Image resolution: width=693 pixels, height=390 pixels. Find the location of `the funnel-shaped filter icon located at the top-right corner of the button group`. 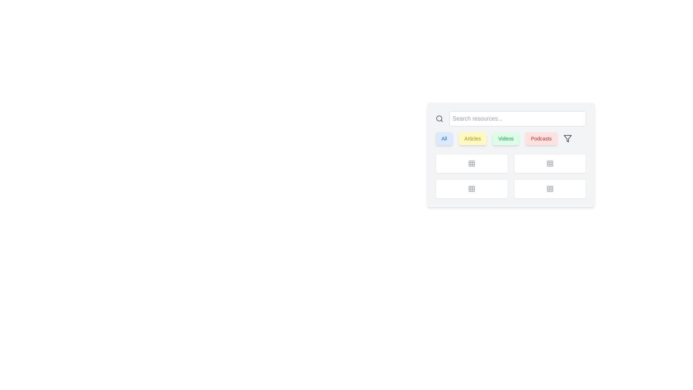

the funnel-shaped filter icon located at the top-right corner of the button group is located at coordinates (567, 139).